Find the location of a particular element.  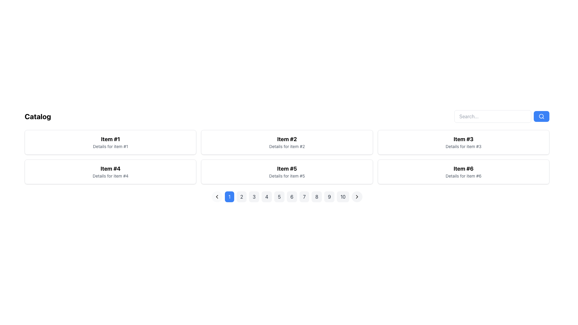

the static text label that provides additional information about 'Item #5', located below the title 'Item #5' is located at coordinates (287, 176).